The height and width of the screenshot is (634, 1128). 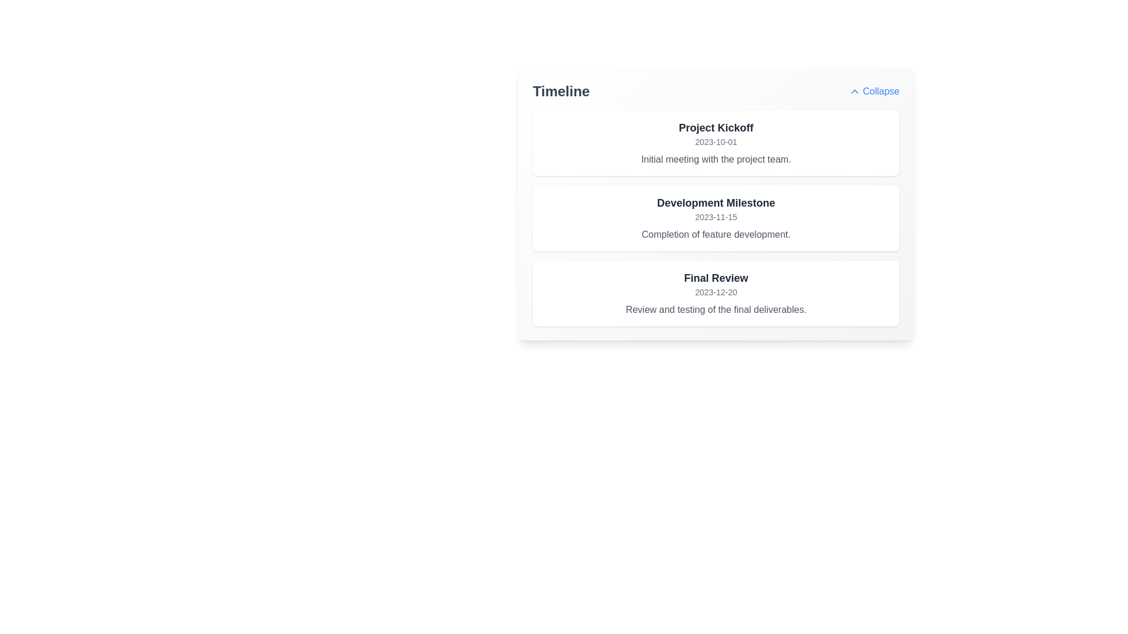 I want to click on the date text label that indicates a deadline or milestone, located below the title 'Final Review' and above the description text in the timeline card interface, so click(x=716, y=291).